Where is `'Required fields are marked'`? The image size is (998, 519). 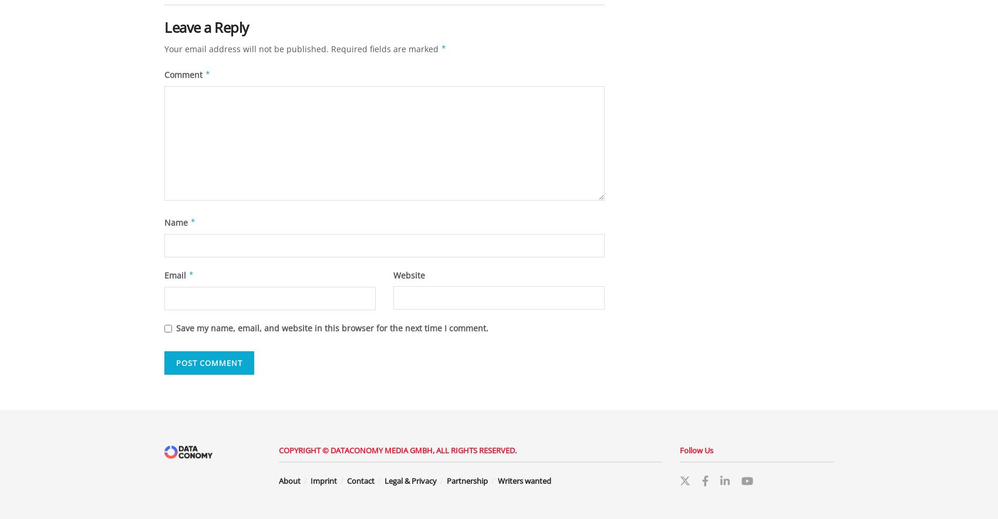 'Required fields are marked' is located at coordinates (386, 49).